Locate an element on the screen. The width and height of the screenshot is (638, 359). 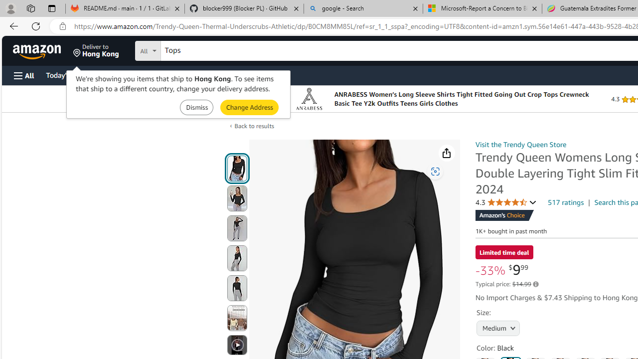
'Amazon' is located at coordinates (38, 50).